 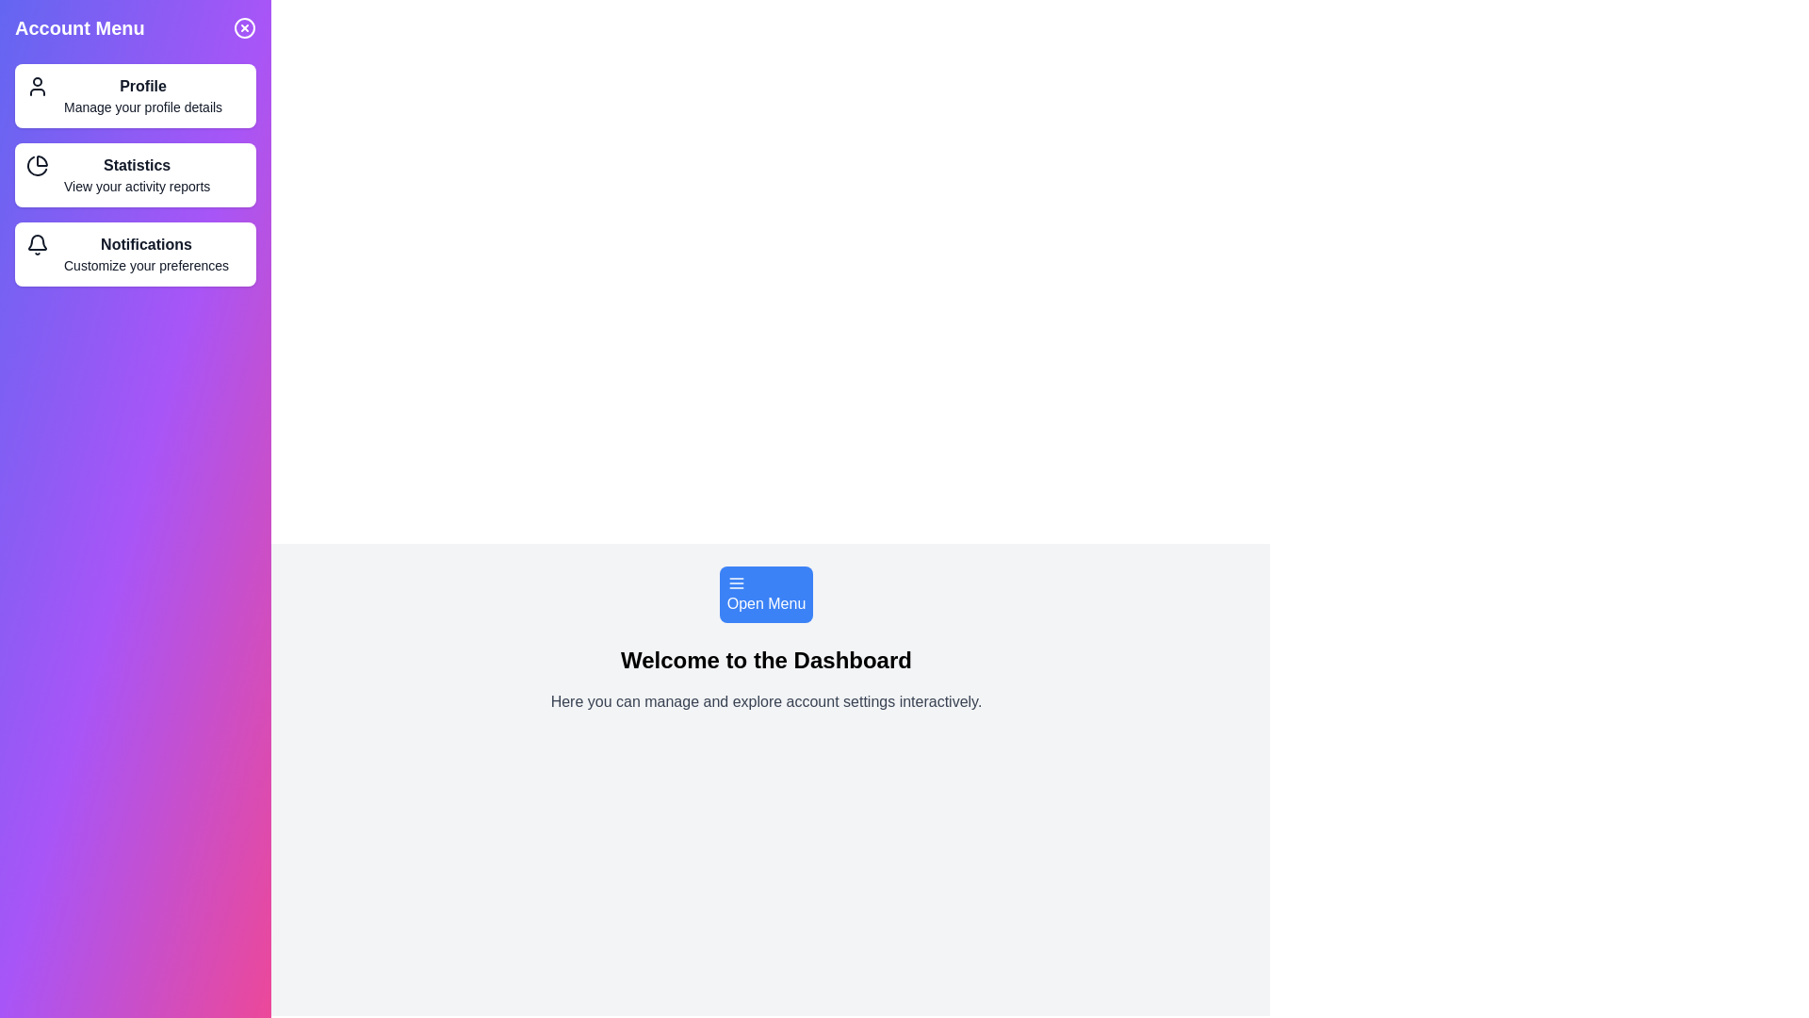 I want to click on the Profile option in the Account Menu, so click(x=135, y=95).